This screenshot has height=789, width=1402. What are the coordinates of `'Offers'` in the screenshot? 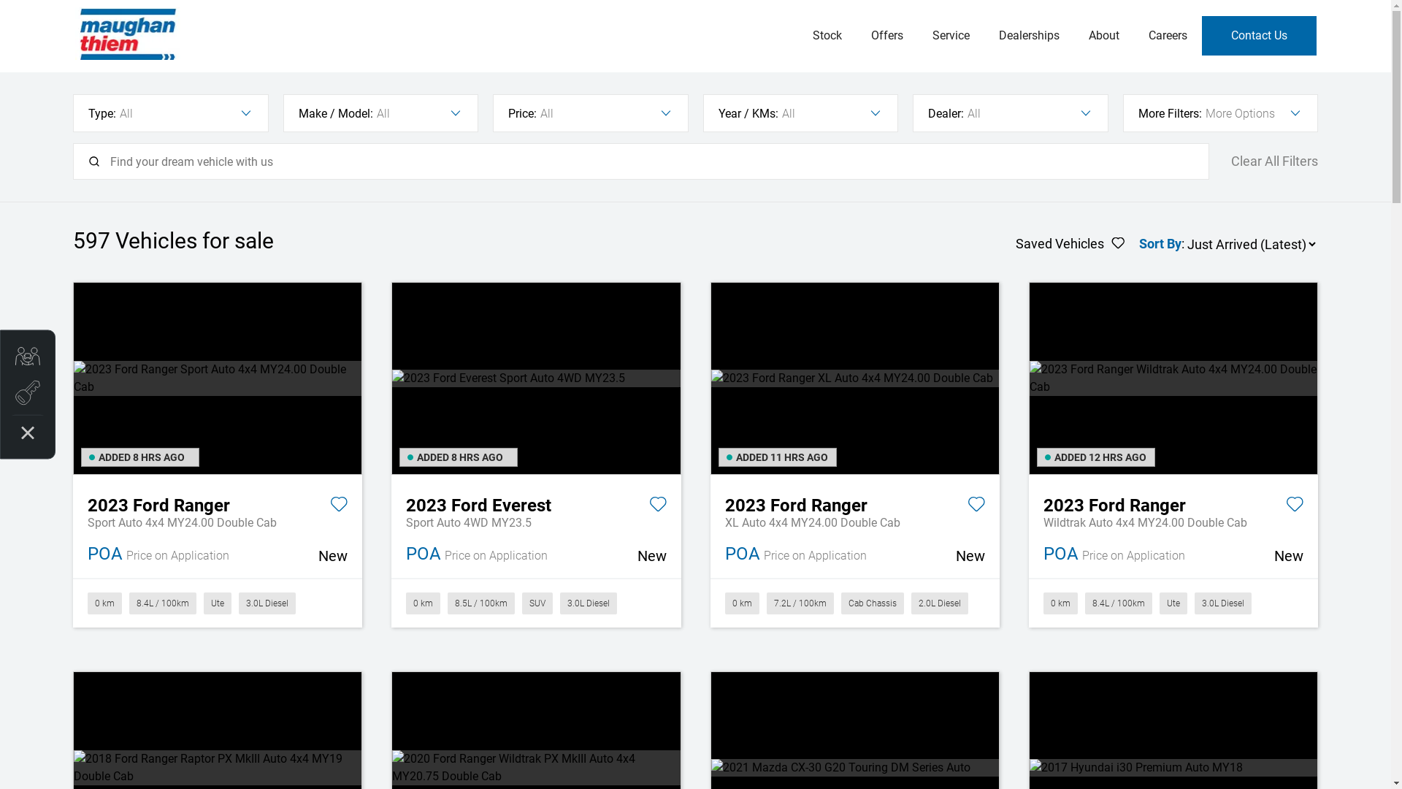 It's located at (886, 35).